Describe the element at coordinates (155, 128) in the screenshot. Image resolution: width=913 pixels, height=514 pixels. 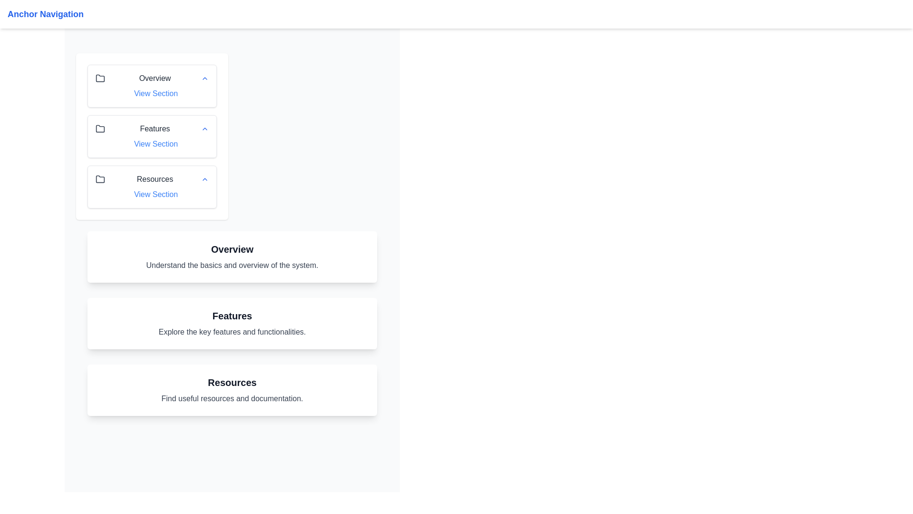
I see `text label 'Features' located in the left navigation panel, which is styled with a medium font size, gray color, and bold weight, positioned between 'Overview' and 'Resources'` at that location.